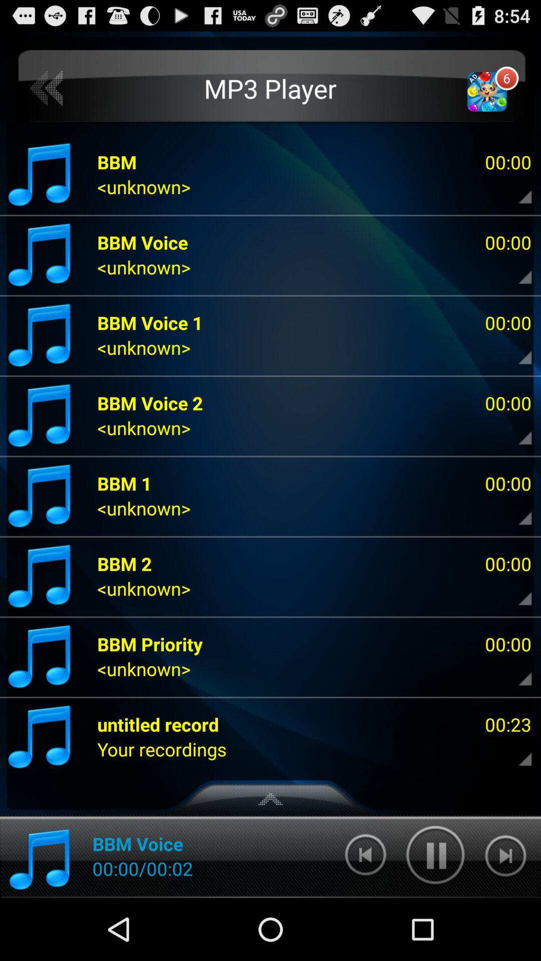  Describe the element at coordinates (158, 724) in the screenshot. I see `item below <unknown> icon` at that location.